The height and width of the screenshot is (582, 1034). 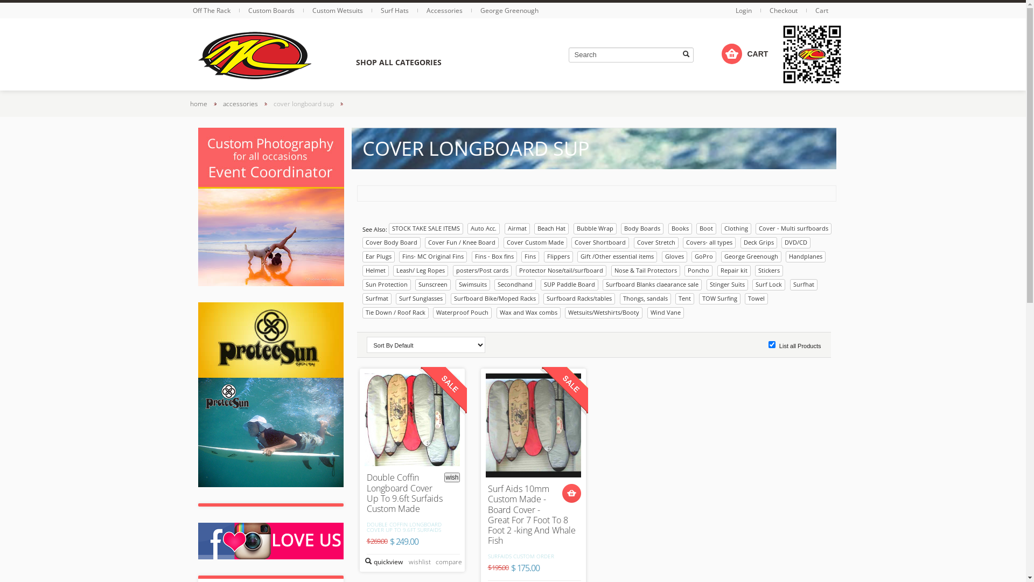 I want to click on 'George Greenough', so click(x=750, y=257).